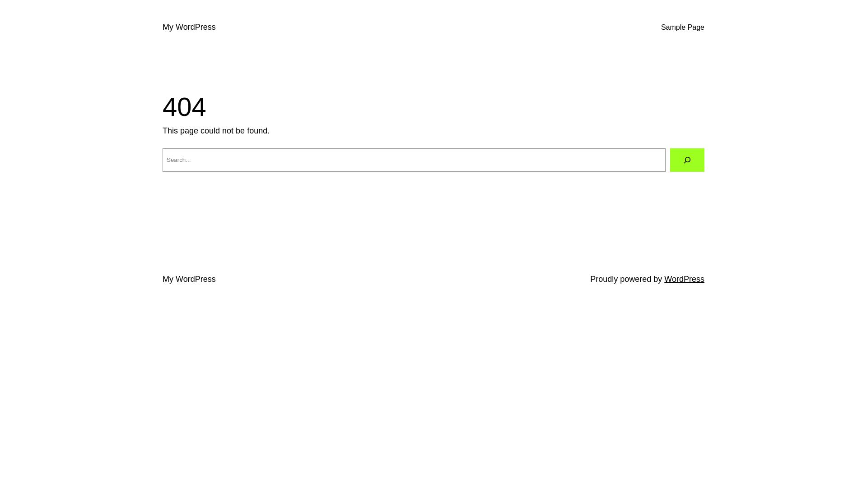 The height and width of the screenshot is (487, 867). Describe the element at coordinates (188, 27) in the screenshot. I see `'My WordPress'` at that location.